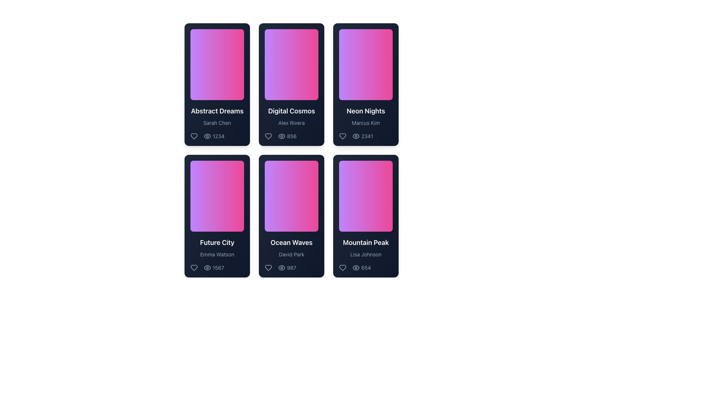  What do you see at coordinates (268, 268) in the screenshot?
I see `the heart-shaped icon located at the bottom-left corner of the 'Ocean Waves' card by 'David Park'` at bounding box center [268, 268].